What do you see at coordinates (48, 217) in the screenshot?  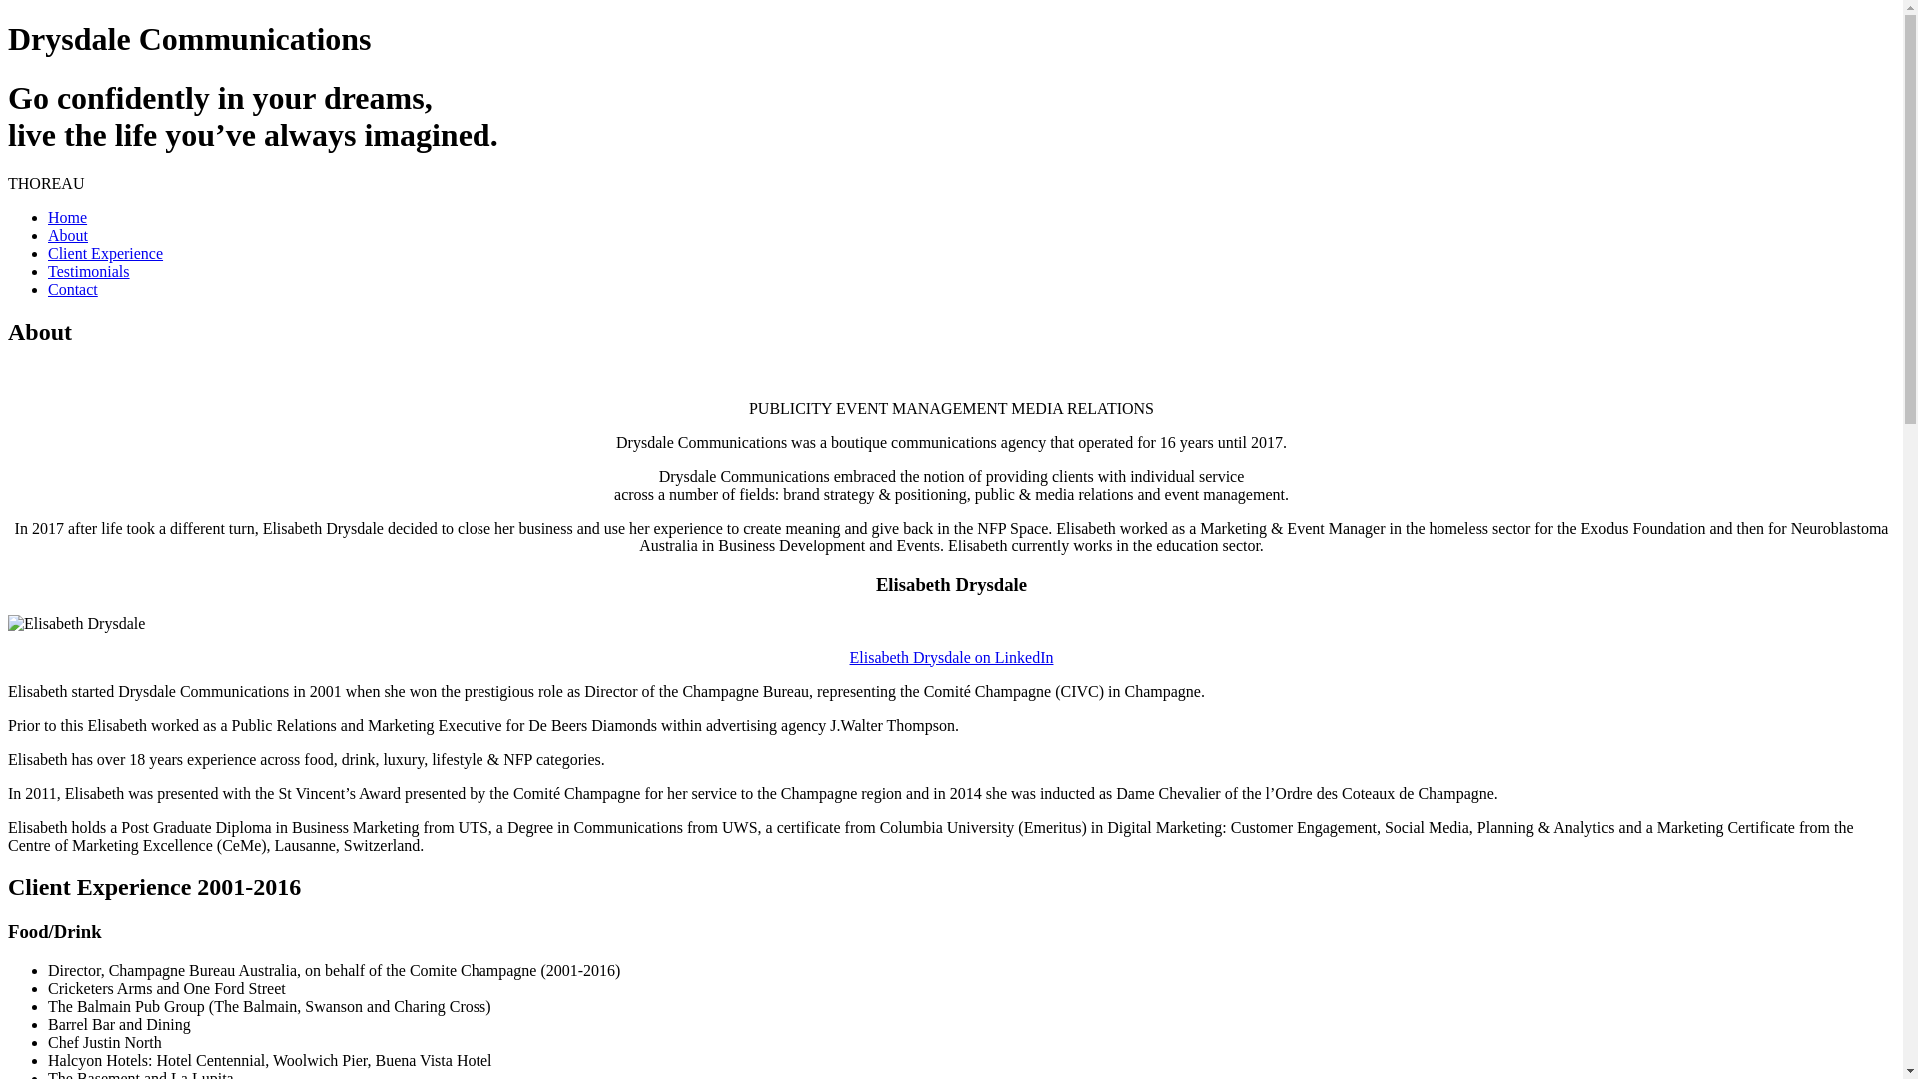 I see `'Home'` at bounding box center [48, 217].